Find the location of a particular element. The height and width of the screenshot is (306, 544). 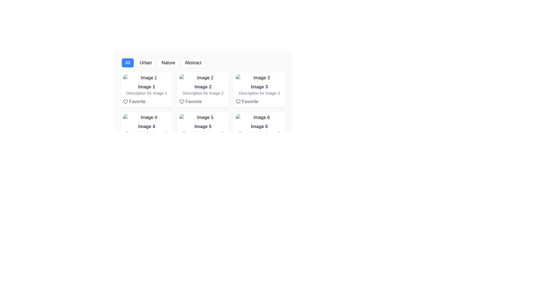

the text label displaying 'Description for Image 3', which is a small, gray font located beneath the bold title 'Image 3' is located at coordinates (259, 93).